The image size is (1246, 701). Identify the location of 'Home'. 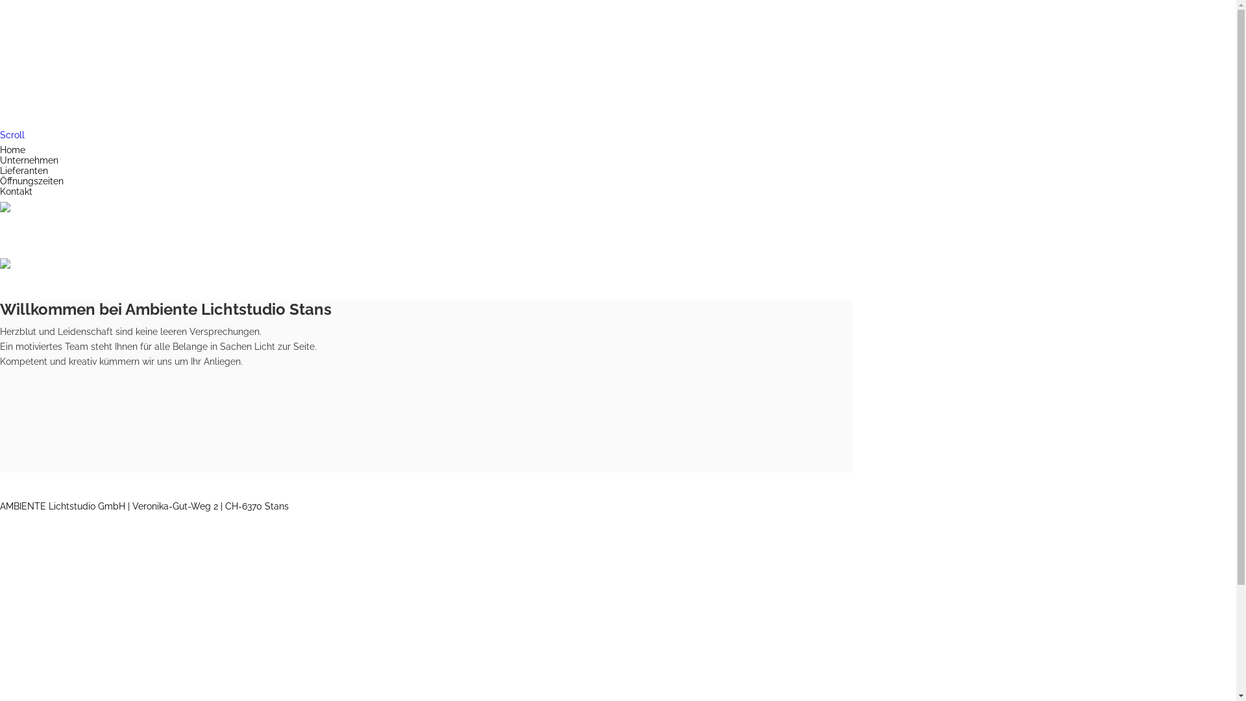
(0, 149).